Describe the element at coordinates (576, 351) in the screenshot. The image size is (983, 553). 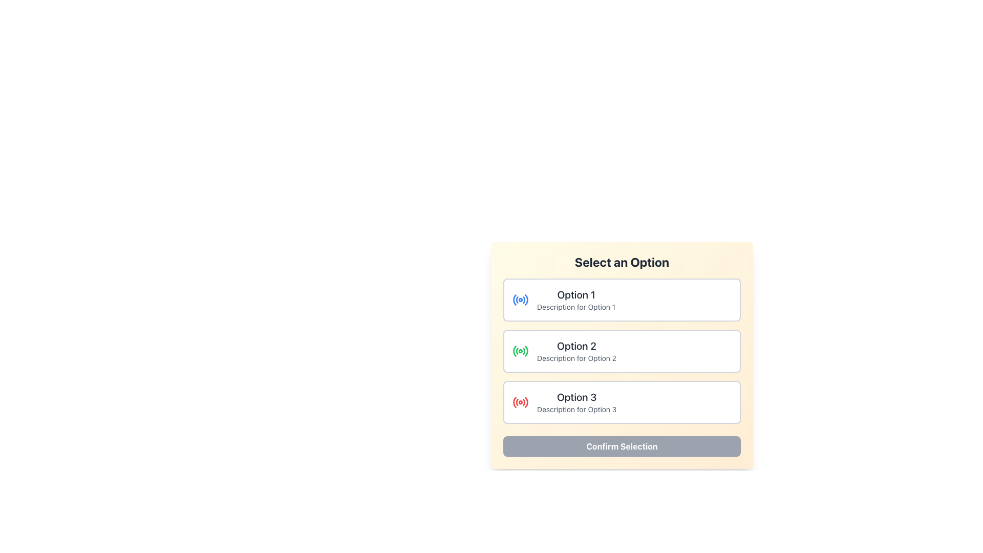
I see `the textual content display that shows 'Option 2' and 'Description for Option 2' within the second option card` at that location.